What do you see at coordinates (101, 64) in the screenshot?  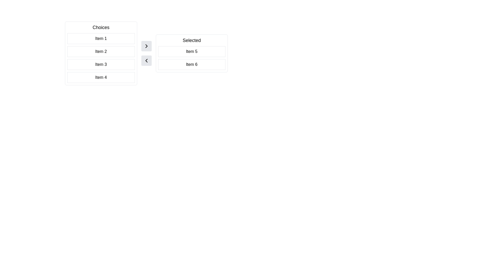 I see `the third item in the vertically arranged list of selectable options within the 'Choices' section` at bounding box center [101, 64].